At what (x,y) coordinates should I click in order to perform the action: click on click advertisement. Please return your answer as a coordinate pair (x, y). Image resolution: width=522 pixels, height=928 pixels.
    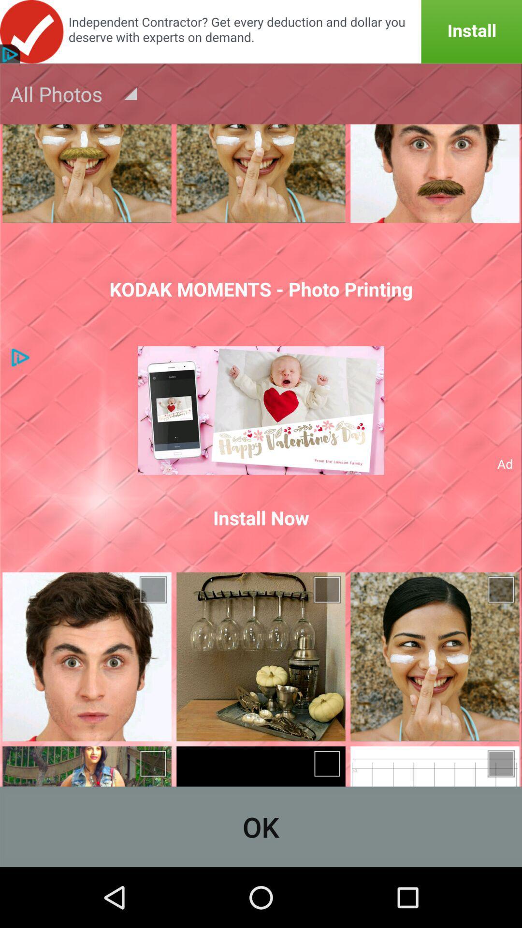
    Looking at the image, I should click on (261, 31).